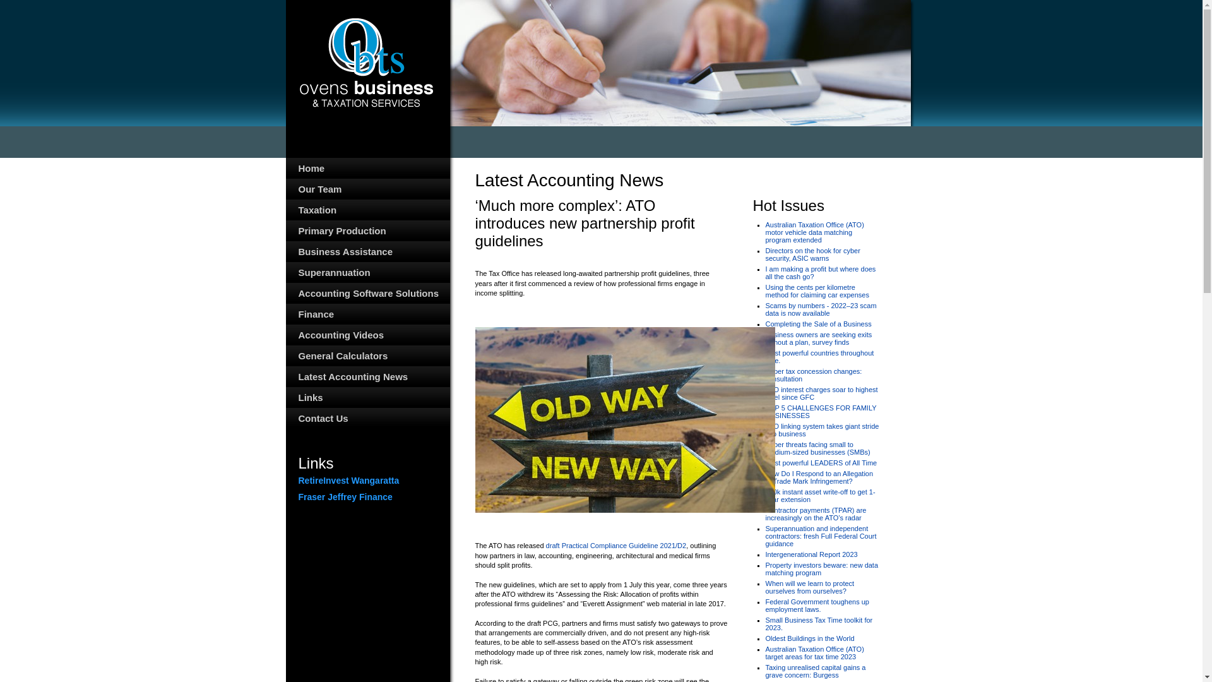  I want to click on 'ATO linking system takes giant stride into business', so click(821, 429).